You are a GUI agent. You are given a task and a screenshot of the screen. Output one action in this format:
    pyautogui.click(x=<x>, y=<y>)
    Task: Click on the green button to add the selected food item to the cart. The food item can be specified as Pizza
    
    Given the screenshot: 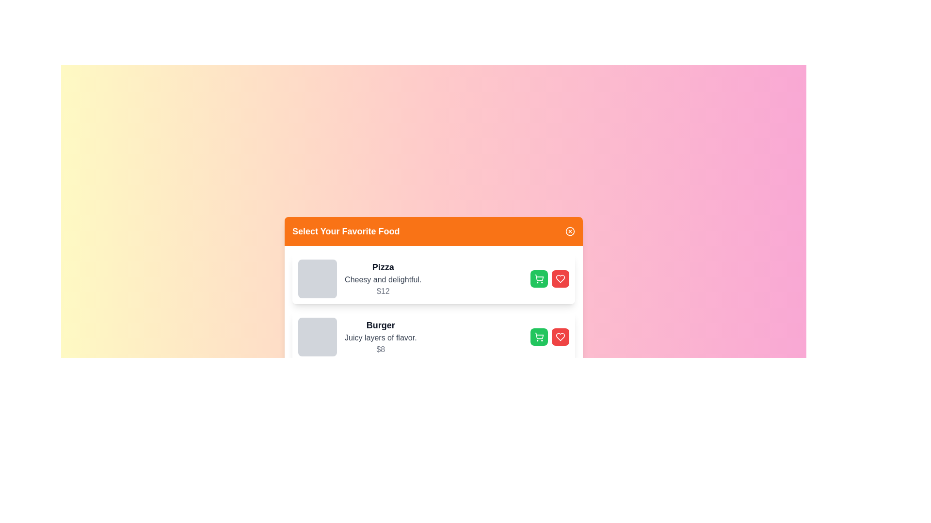 What is the action you would take?
    pyautogui.click(x=538, y=278)
    